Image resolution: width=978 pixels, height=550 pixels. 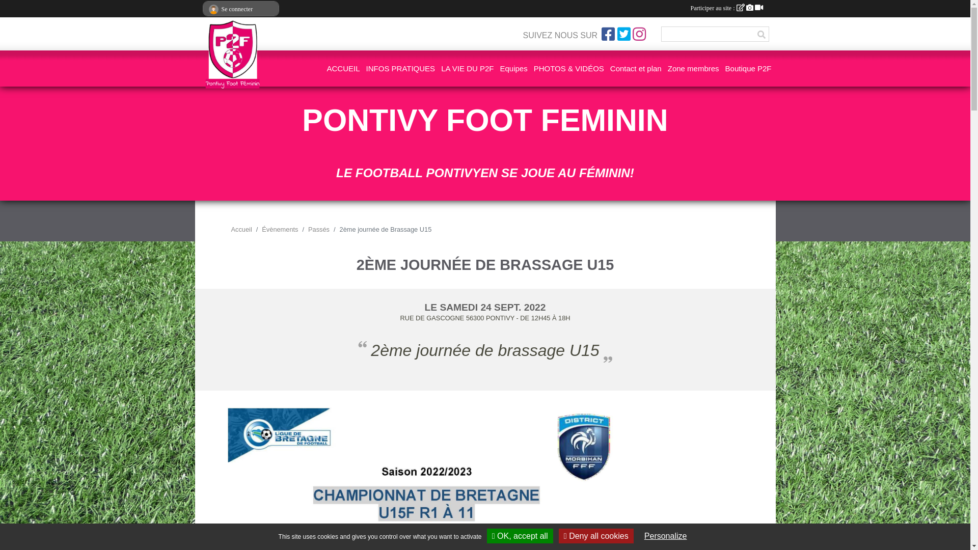 I want to click on 'Personalize', so click(x=665, y=535).